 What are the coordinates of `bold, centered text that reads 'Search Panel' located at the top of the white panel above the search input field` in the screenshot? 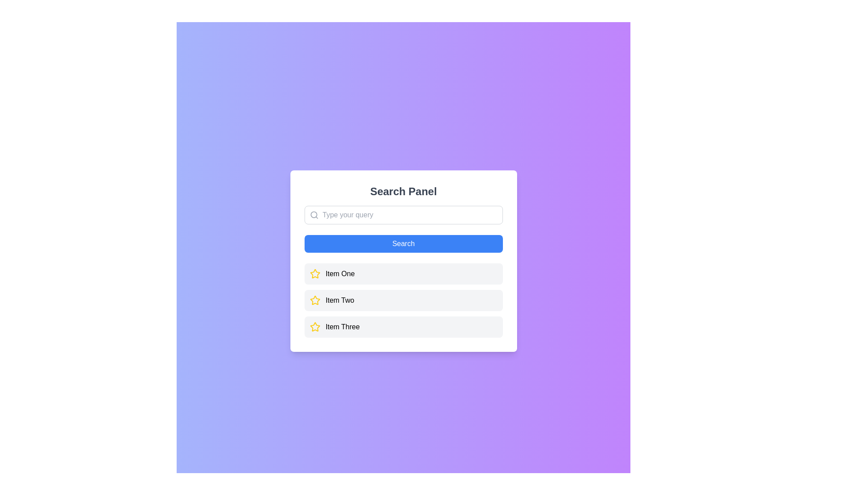 It's located at (403, 191).